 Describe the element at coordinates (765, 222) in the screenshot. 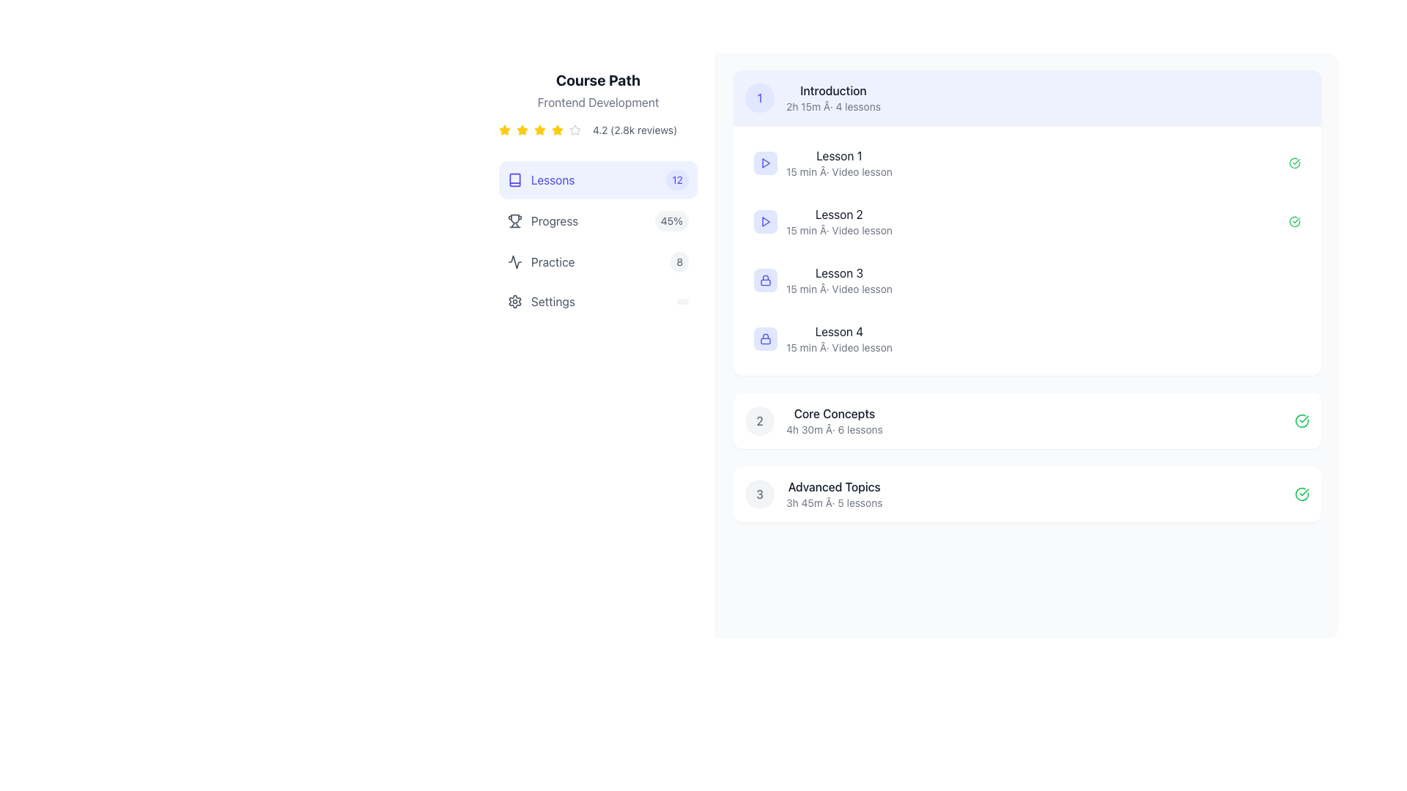

I see `the circular button located to the left of the text 'Lesson 2'` at that location.